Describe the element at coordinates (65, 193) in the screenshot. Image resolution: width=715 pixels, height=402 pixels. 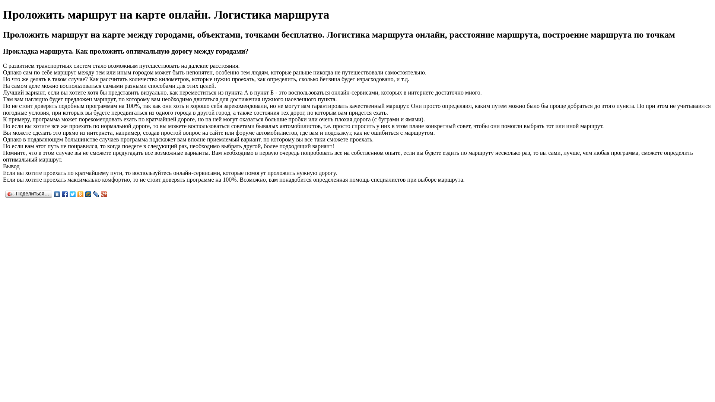
I see `'Facebook'` at that location.